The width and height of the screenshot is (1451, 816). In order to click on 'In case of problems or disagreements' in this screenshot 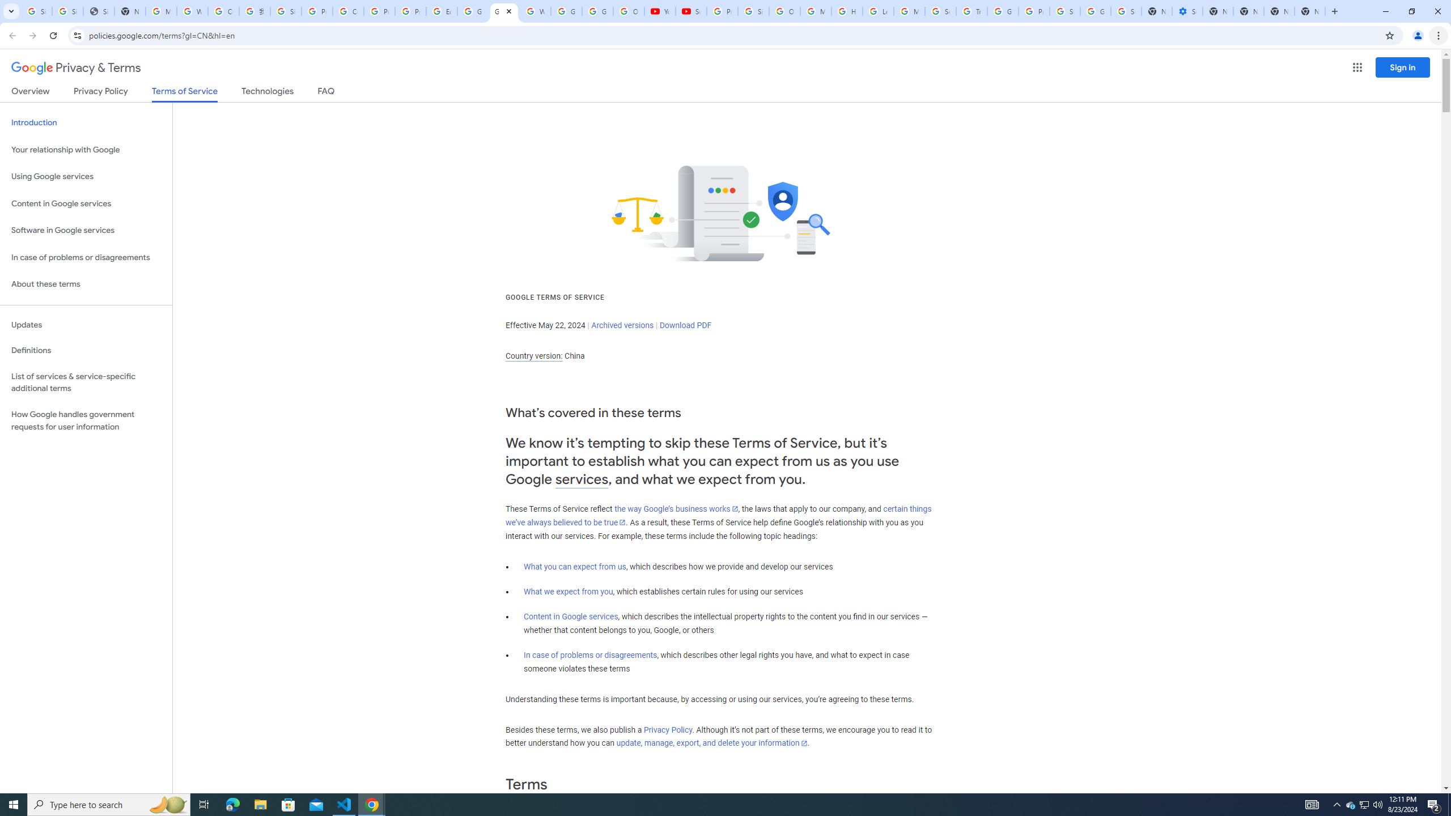, I will do `click(589, 655)`.